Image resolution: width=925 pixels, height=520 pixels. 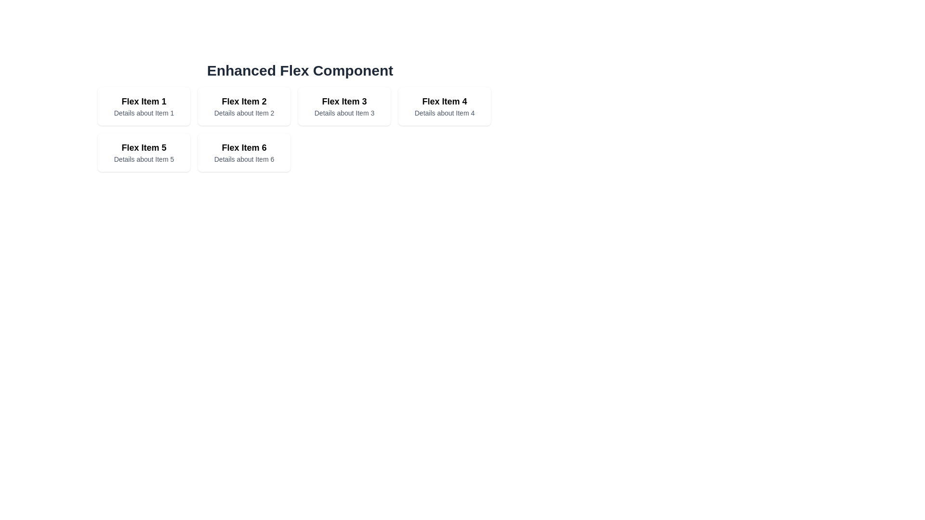 I want to click on the Text Label located in the top row, third column of the grid, which serves to identify an item and acts as a header or title, so click(x=344, y=102).